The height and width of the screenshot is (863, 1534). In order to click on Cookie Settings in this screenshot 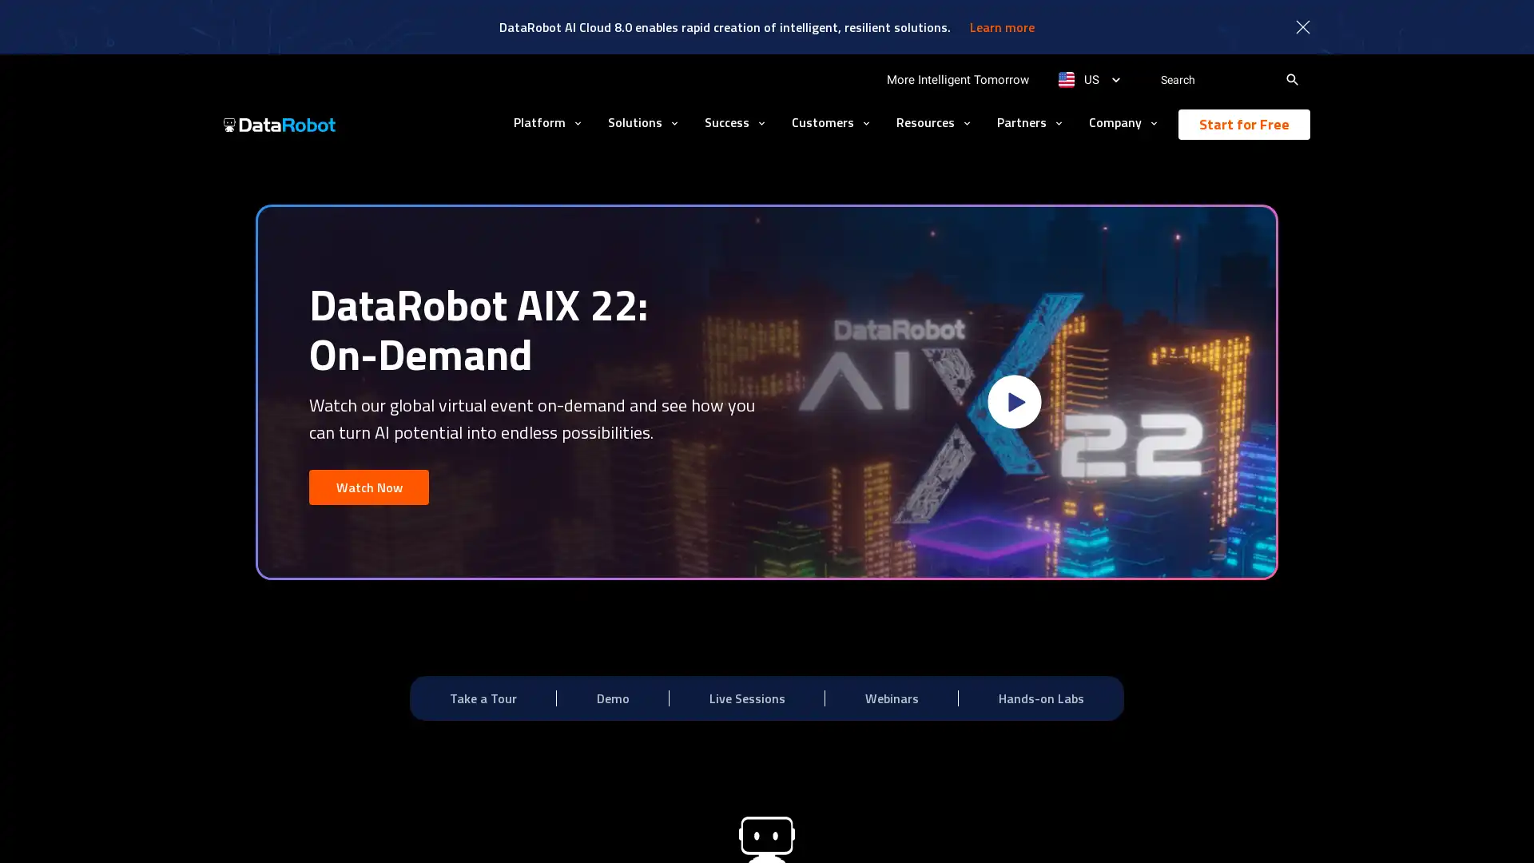, I will do `click(1019, 828)`.